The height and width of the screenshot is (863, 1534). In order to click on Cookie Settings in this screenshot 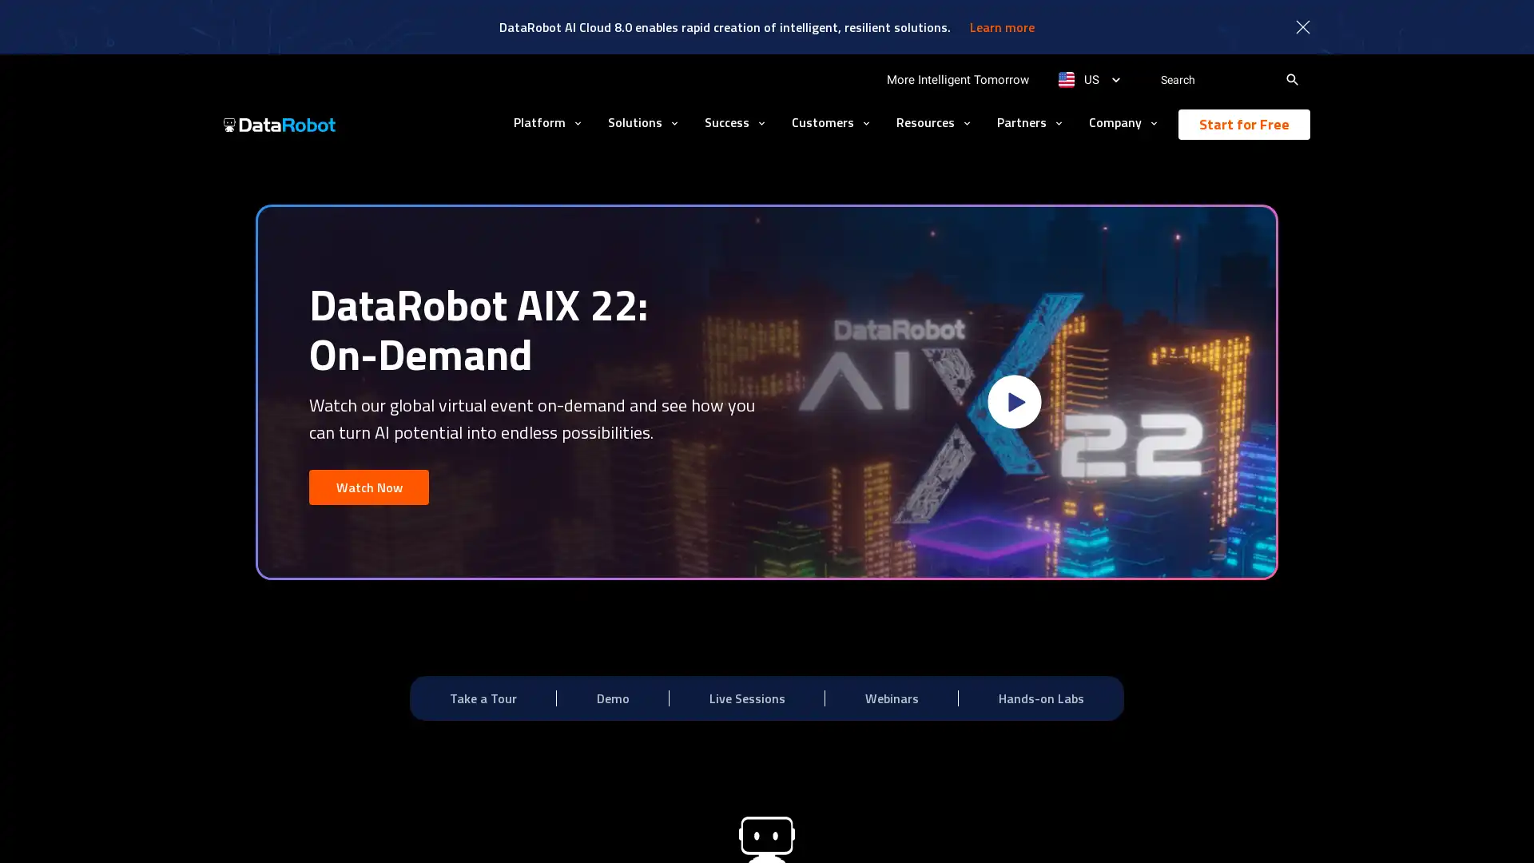, I will do `click(1019, 828)`.